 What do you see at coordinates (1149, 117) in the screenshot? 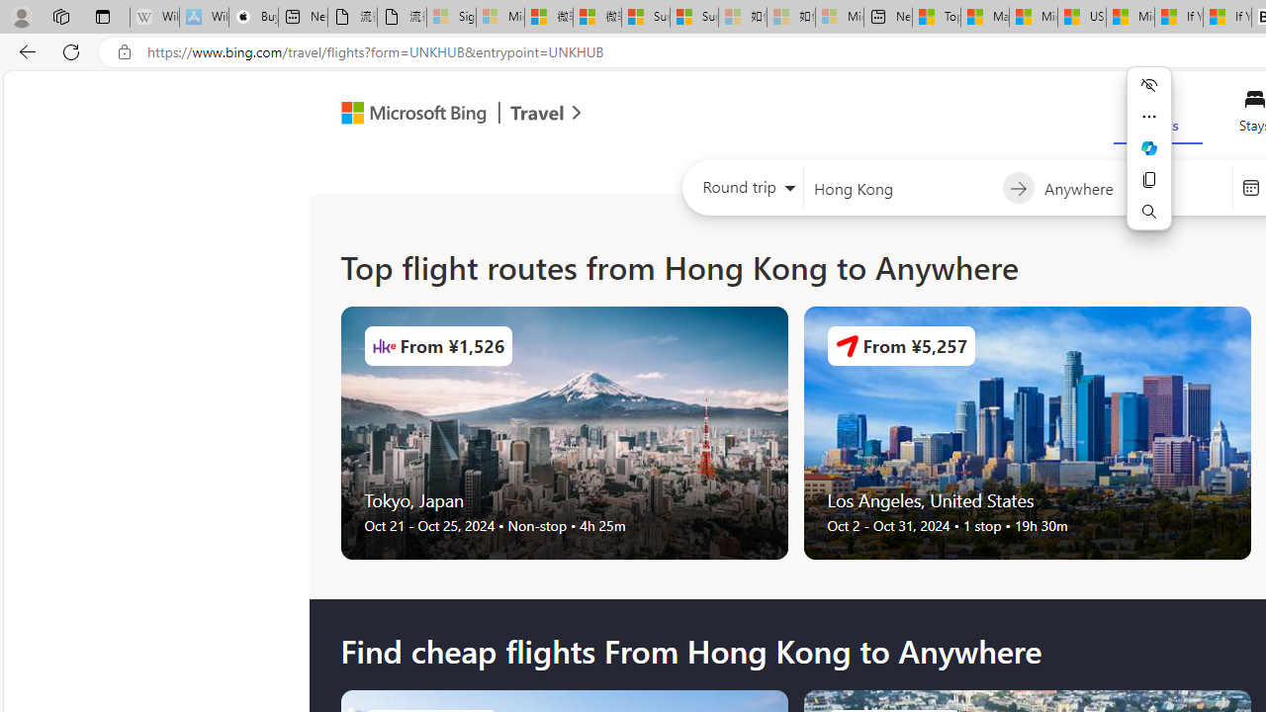
I see `'More actions'` at bounding box center [1149, 117].